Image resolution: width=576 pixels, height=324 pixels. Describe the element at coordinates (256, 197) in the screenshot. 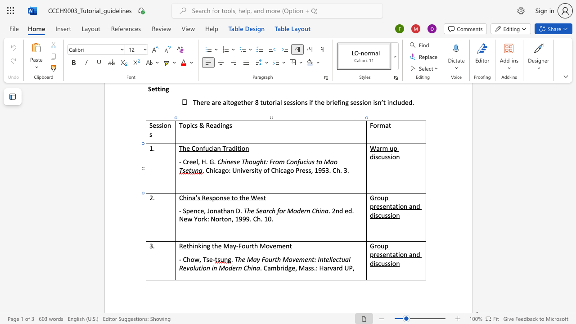

I see `the space between the continuous character "W" and "e" in the text` at that location.